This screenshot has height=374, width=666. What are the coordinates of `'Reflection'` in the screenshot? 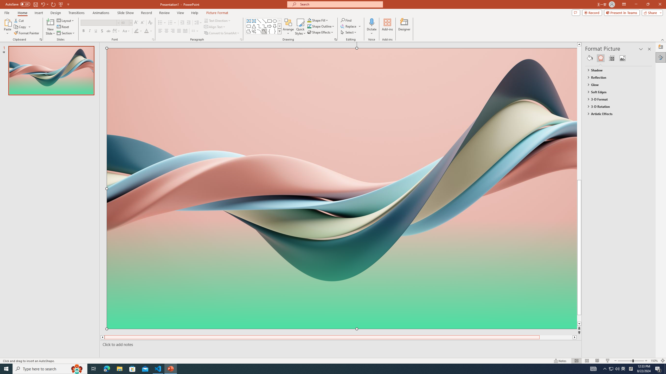 It's located at (616, 77).